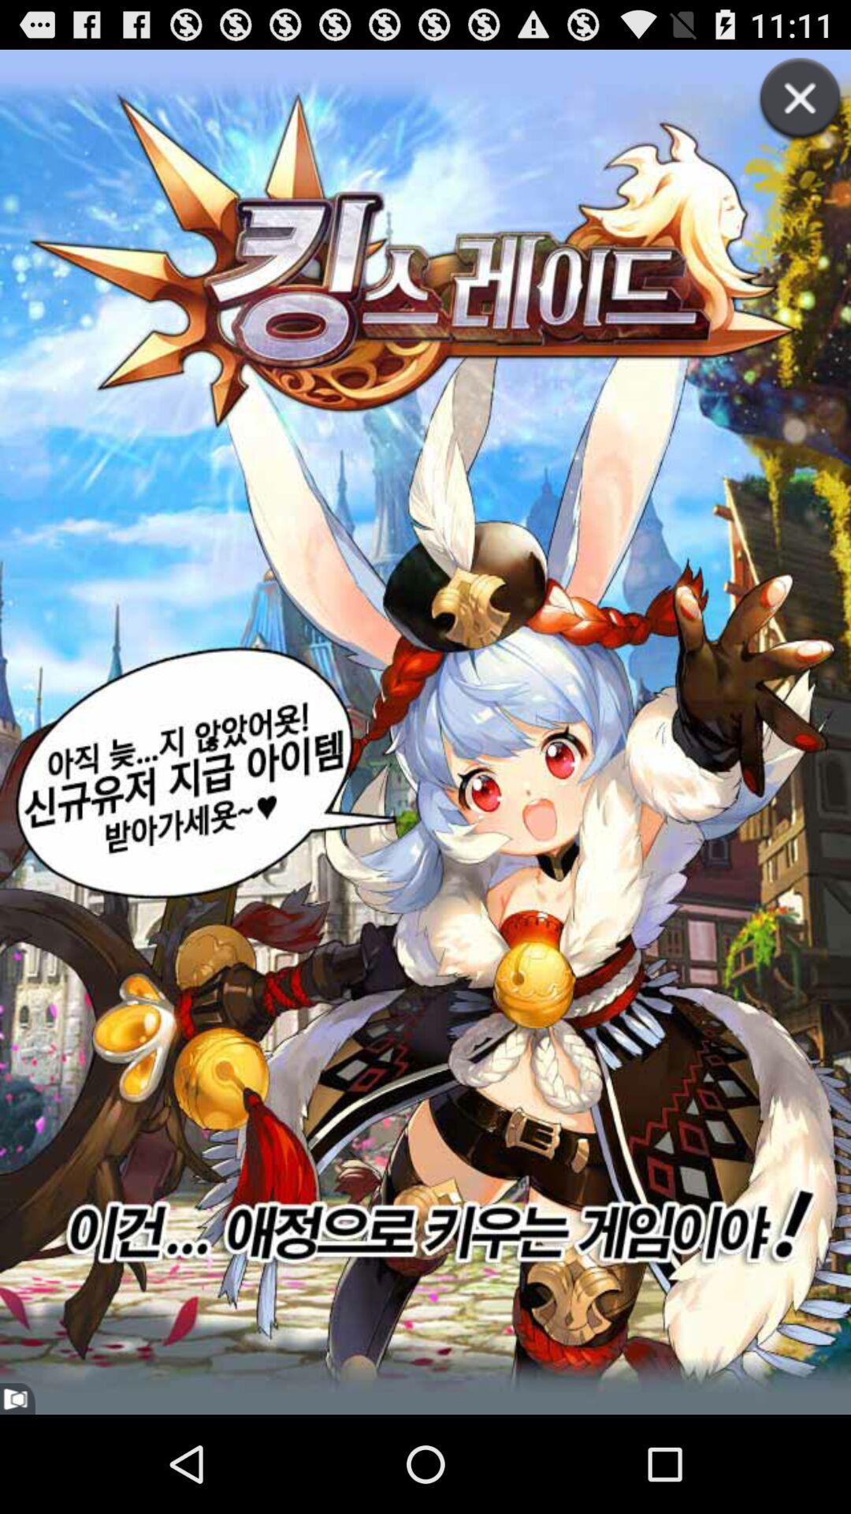 The height and width of the screenshot is (1514, 851). What do you see at coordinates (17, 1496) in the screenshot?
I see `the folder icon` at bounding box center [17, 1496].